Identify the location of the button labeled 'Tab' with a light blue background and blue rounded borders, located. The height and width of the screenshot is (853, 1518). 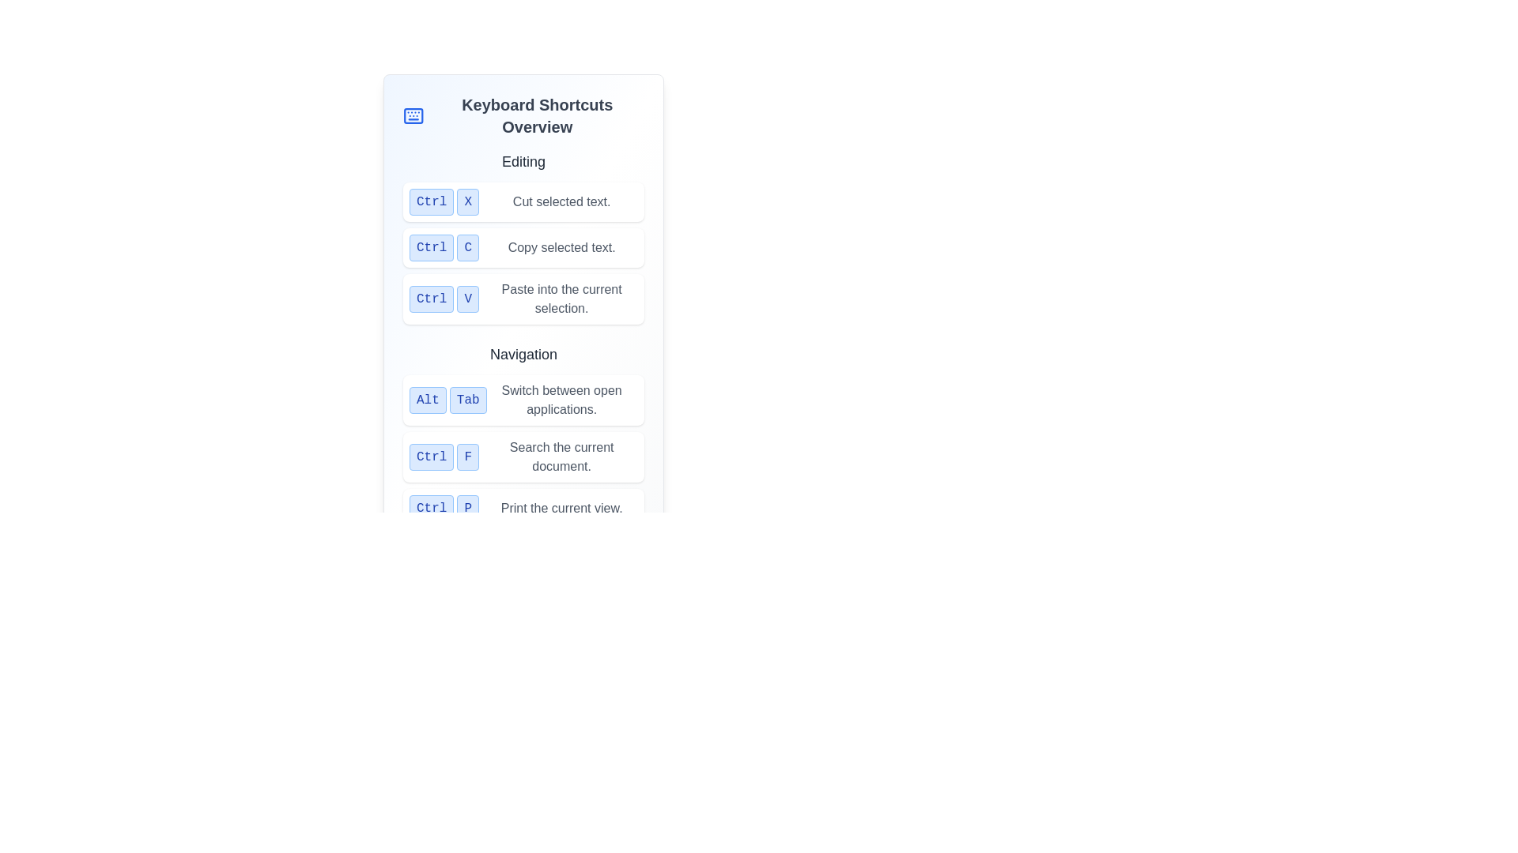
(466, 399).